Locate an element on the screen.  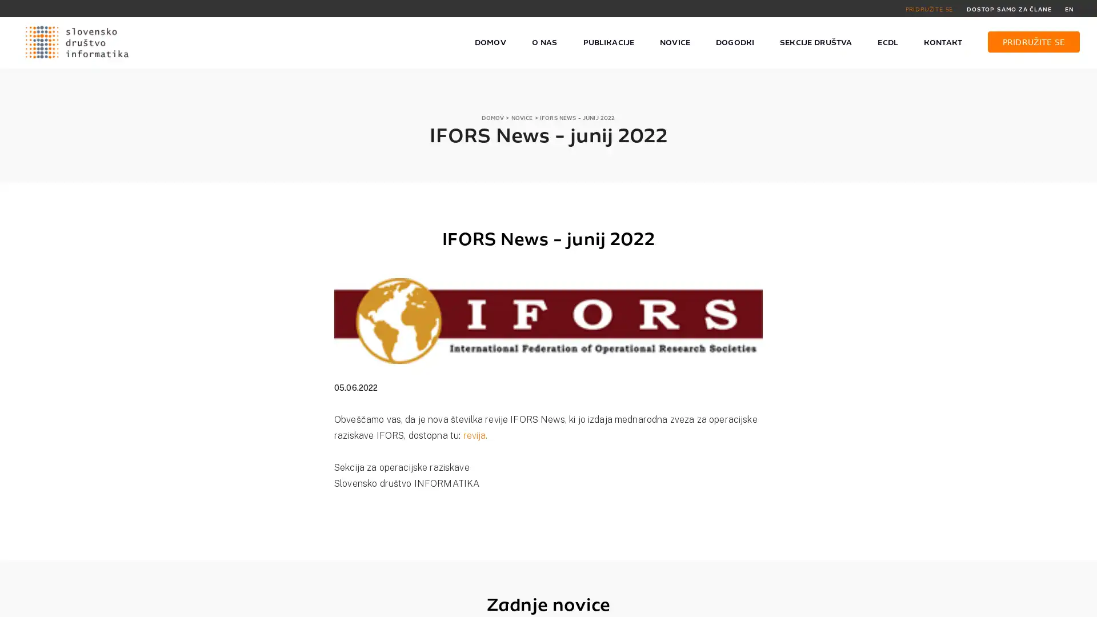
Uredi piskotke is located at coordinates (811, 602).